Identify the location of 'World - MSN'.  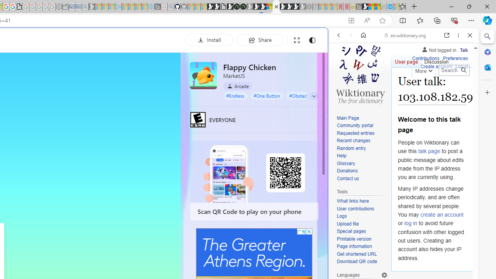
(371, 7).